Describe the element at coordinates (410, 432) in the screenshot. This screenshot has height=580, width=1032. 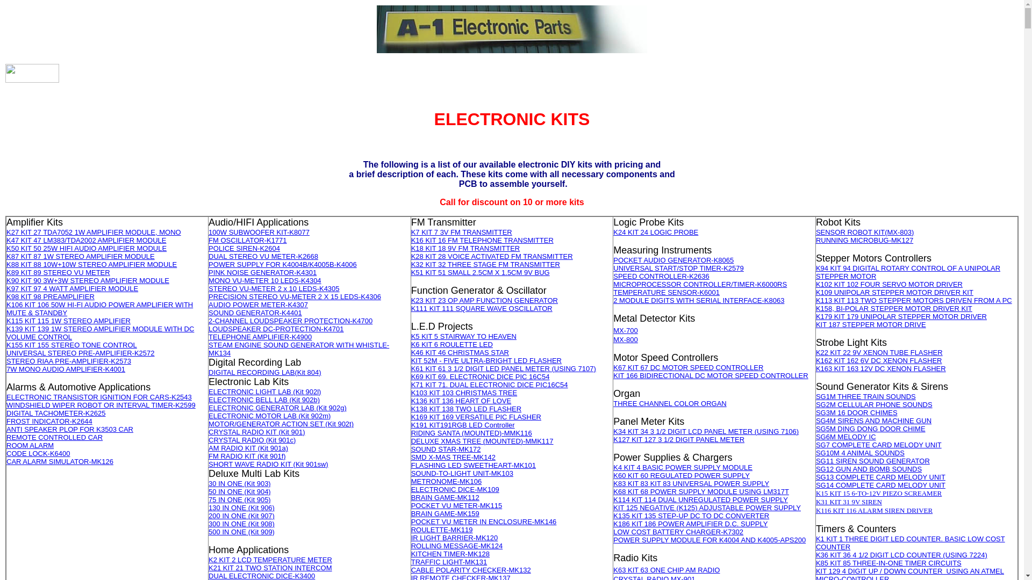
I see `'RIDING SANTA (MOUNTED)-MMK116'` at that location.